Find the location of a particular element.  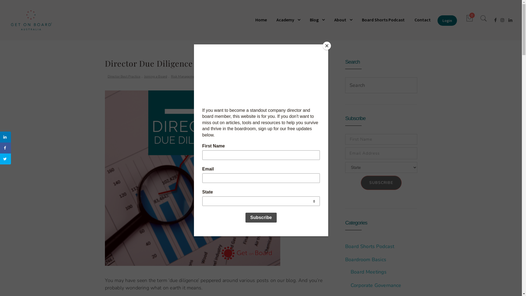

'Joining a Board' is located at coordinates (144, 77).